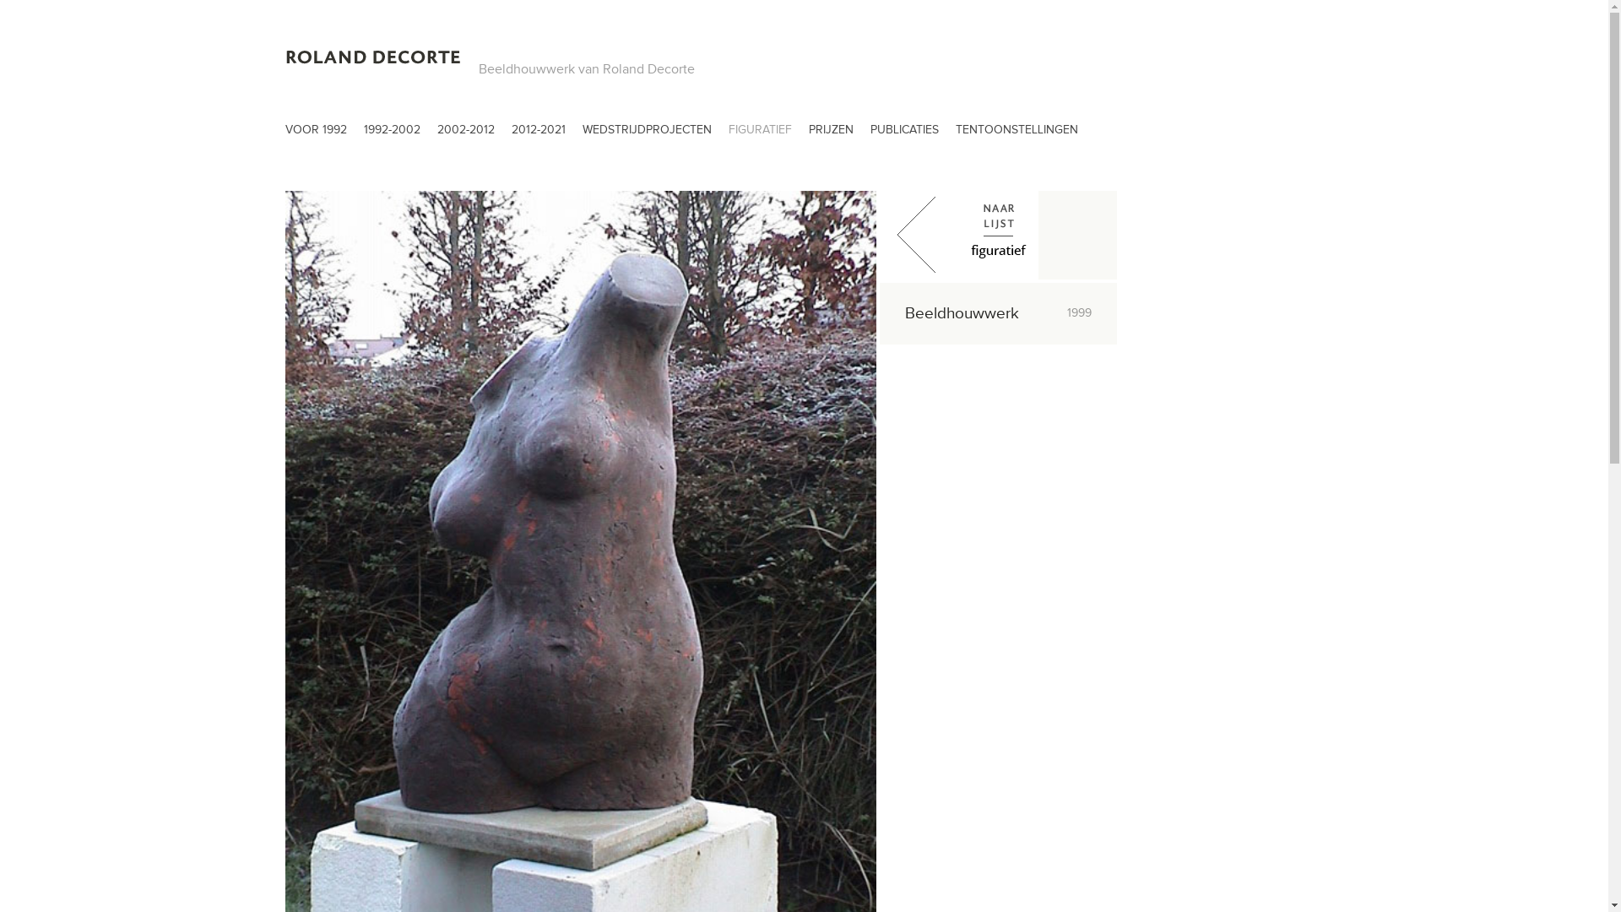 The image size is (1621, 912). Describe the element at coordinates (538, 133) in the screenshot. I see `'2012-2021'` at that location.